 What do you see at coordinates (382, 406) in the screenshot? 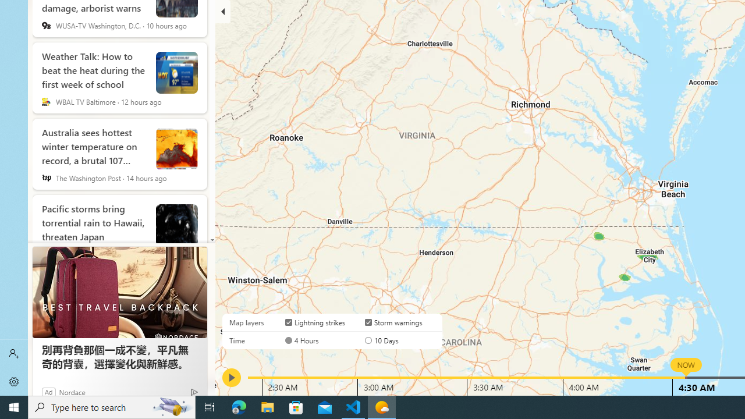
I see `'Weather - 1 running window'` at bounding box center [382, 406].